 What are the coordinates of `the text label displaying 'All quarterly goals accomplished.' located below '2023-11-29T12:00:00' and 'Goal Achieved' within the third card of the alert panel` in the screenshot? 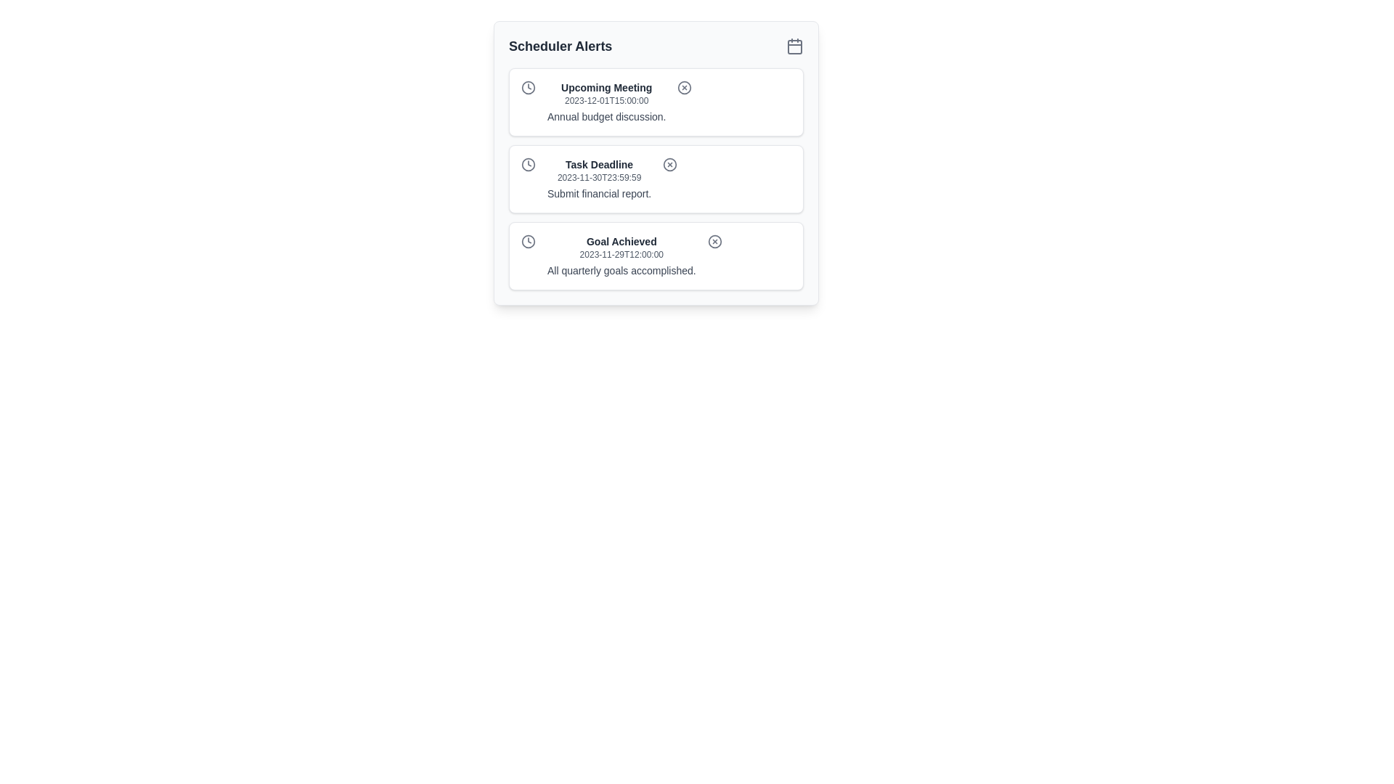 It's located at (621, 271).